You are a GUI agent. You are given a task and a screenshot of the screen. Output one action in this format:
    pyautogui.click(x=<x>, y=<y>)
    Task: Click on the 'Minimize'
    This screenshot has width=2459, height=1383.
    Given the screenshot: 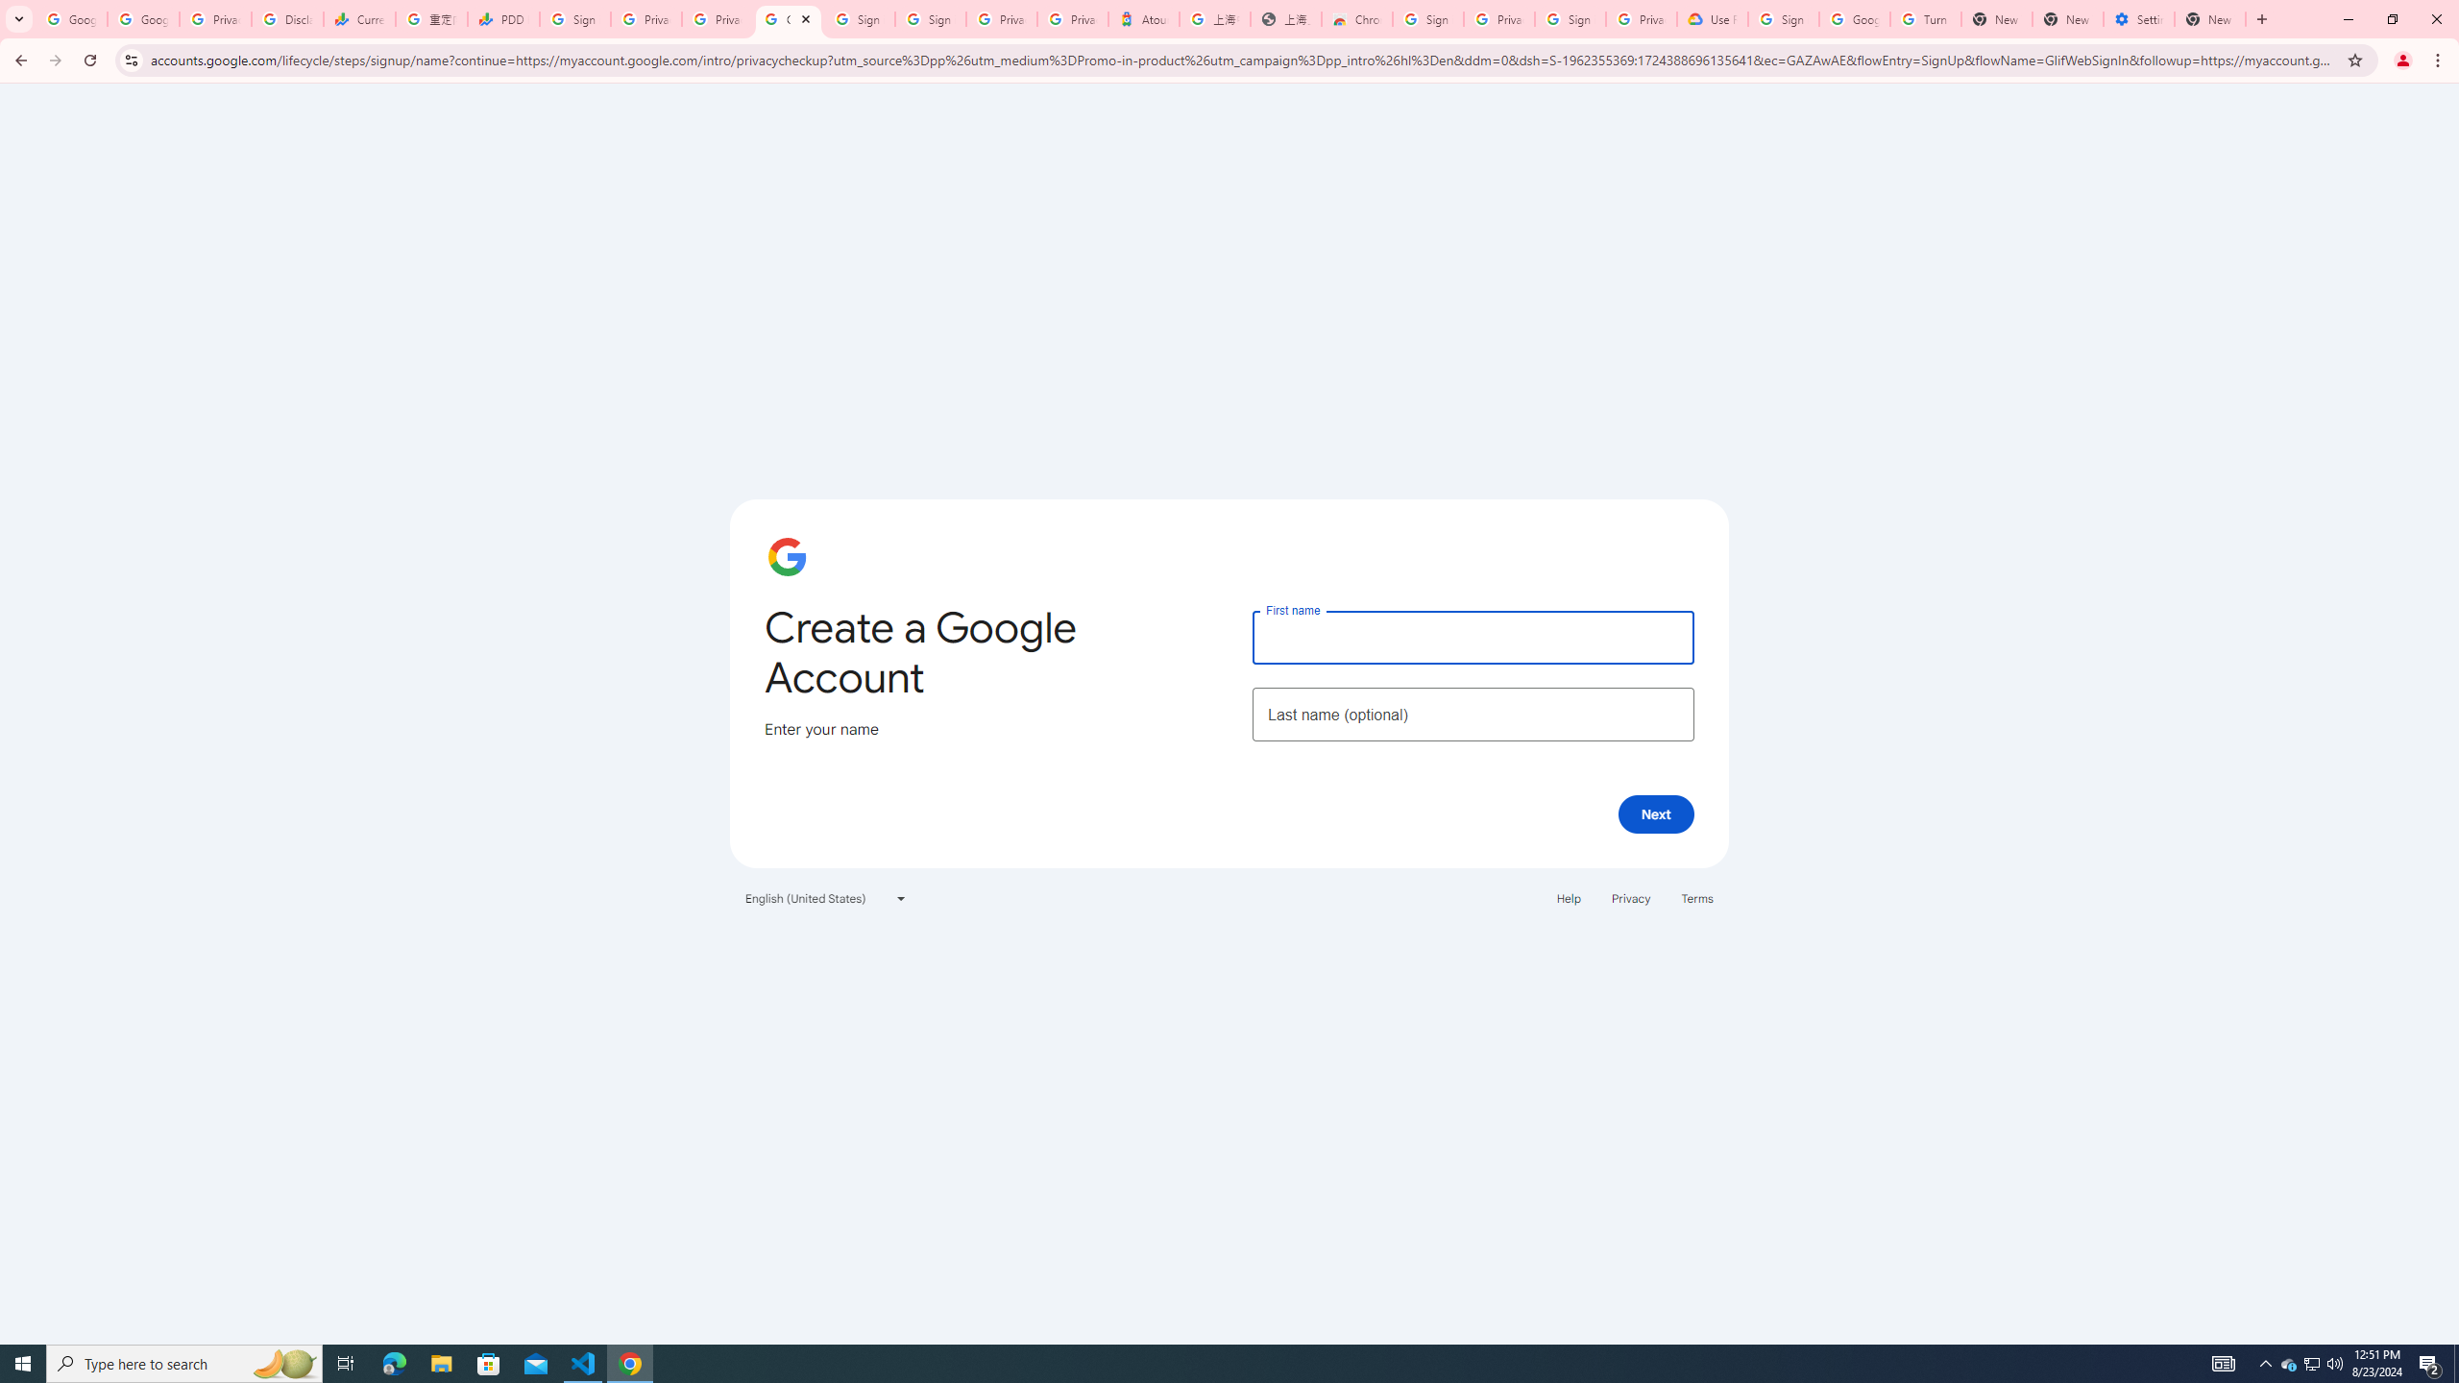 What is the action you would take?
    pyautogui.click(x=2347, y=18)
    